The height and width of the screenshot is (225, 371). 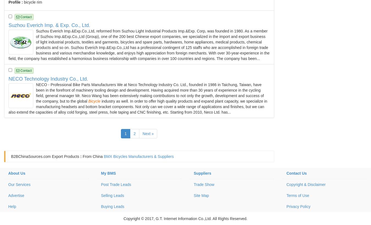 I want to click on 'Suppliers', so click(x=193, y=173).